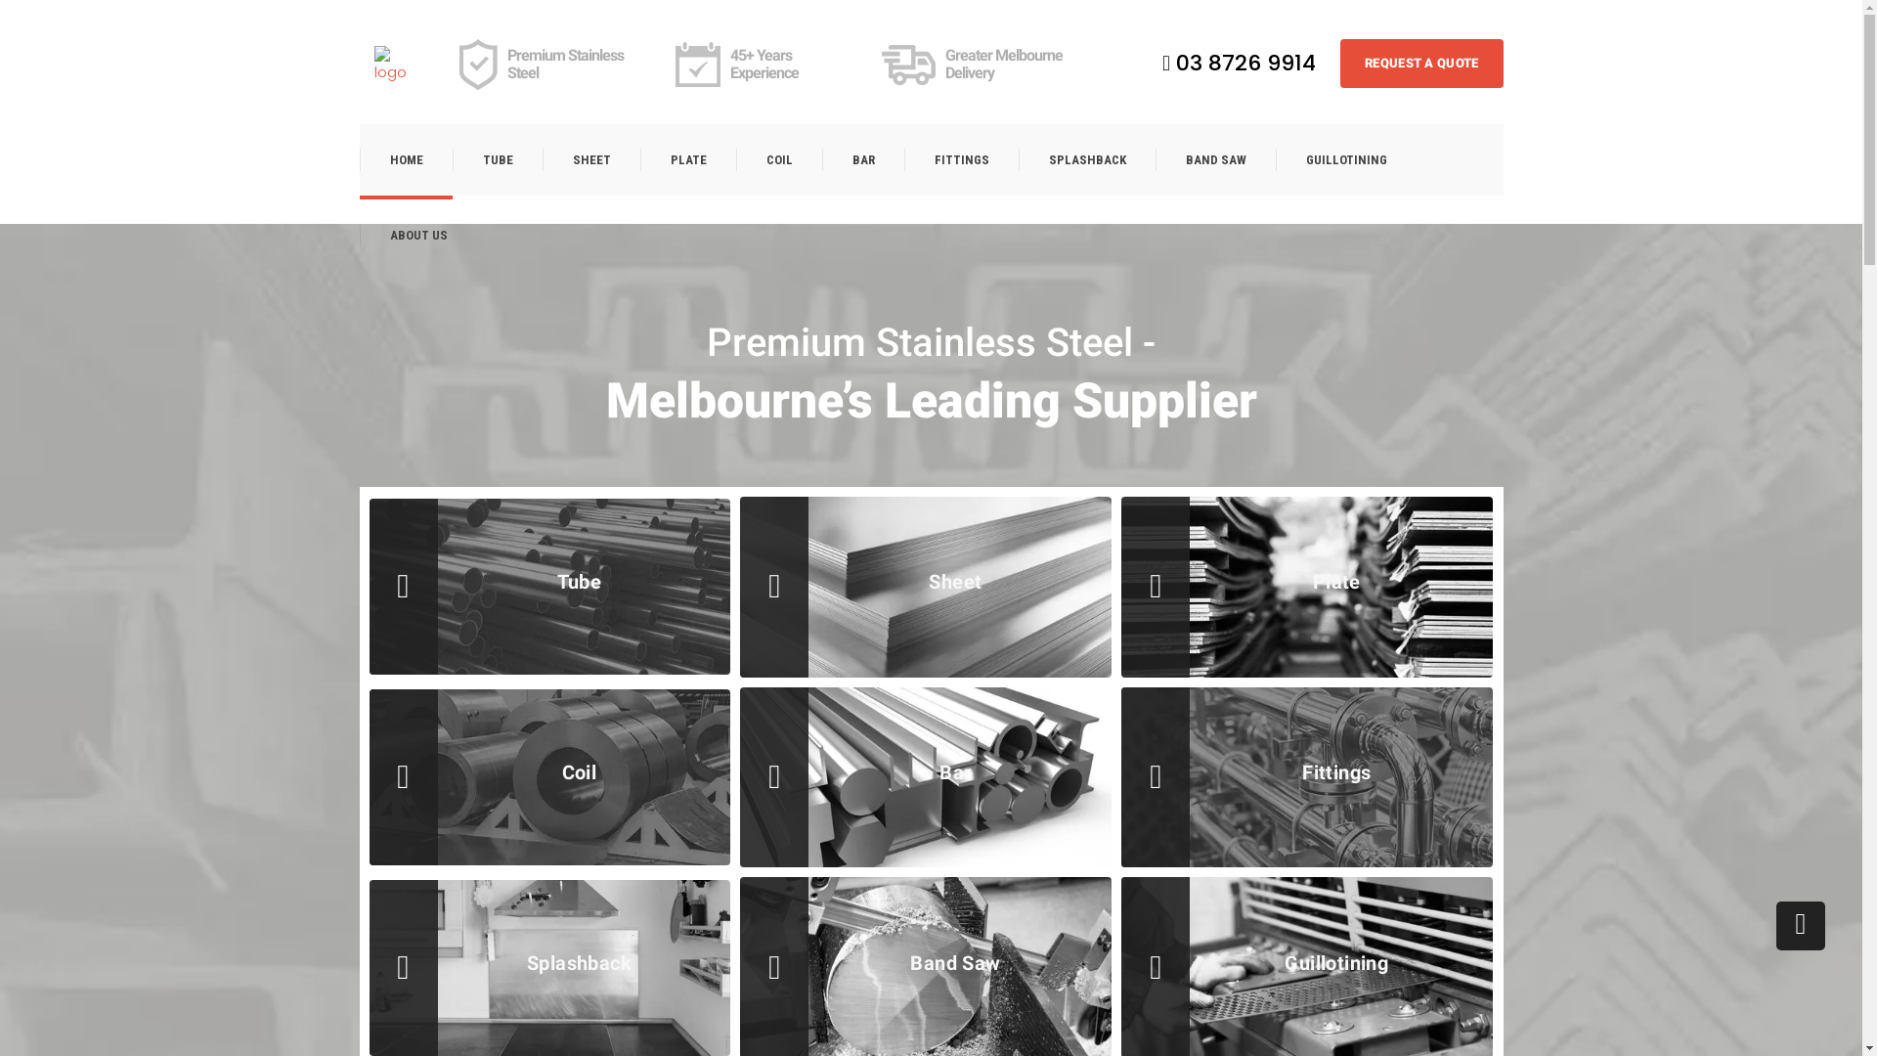  What do you see at coordinates (1776, 925) in the screenshot?
I see `'Go to top'` at bounding box center [1776, 925].